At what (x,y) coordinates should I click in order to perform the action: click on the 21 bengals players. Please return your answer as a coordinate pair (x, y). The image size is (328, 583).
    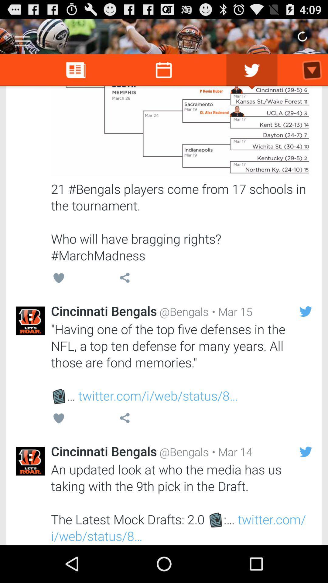
    Looking at the image, I should click on (181, 222).